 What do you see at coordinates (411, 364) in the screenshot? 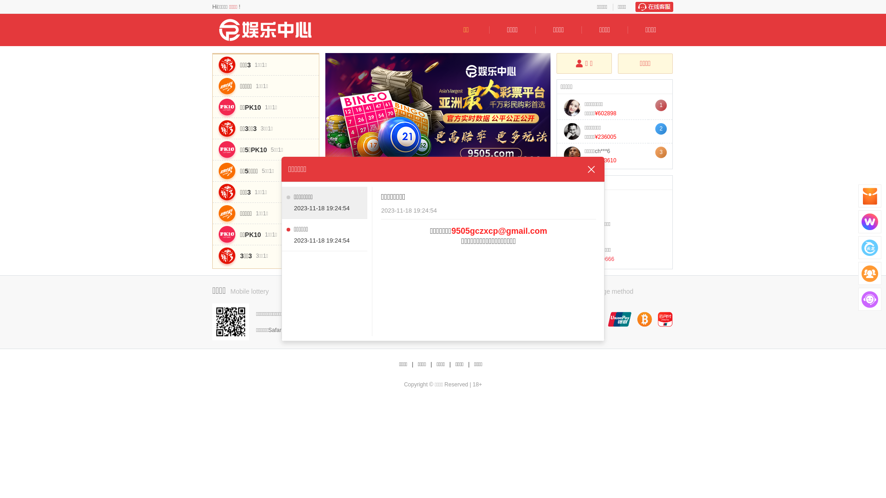
I see `'|'` at bounding box center [411, 364].